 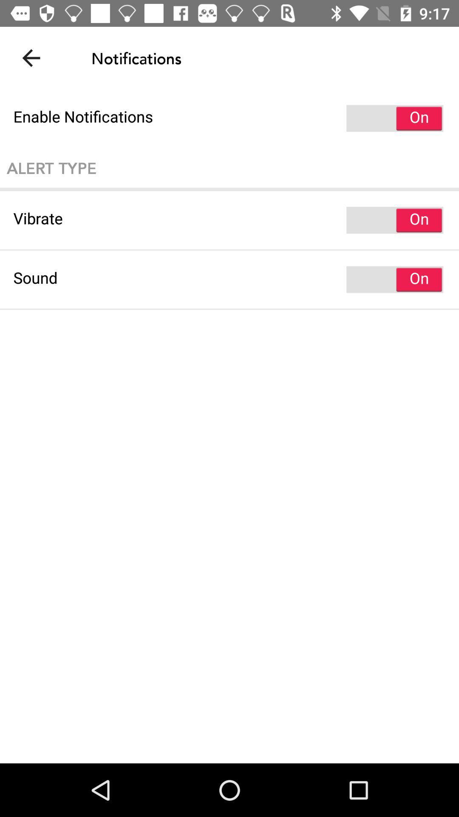 What do you see at coordinates (31, 57) in the screenshot?
I see `the icon to the left of the notifications icon` at bounding box center [31, 57].